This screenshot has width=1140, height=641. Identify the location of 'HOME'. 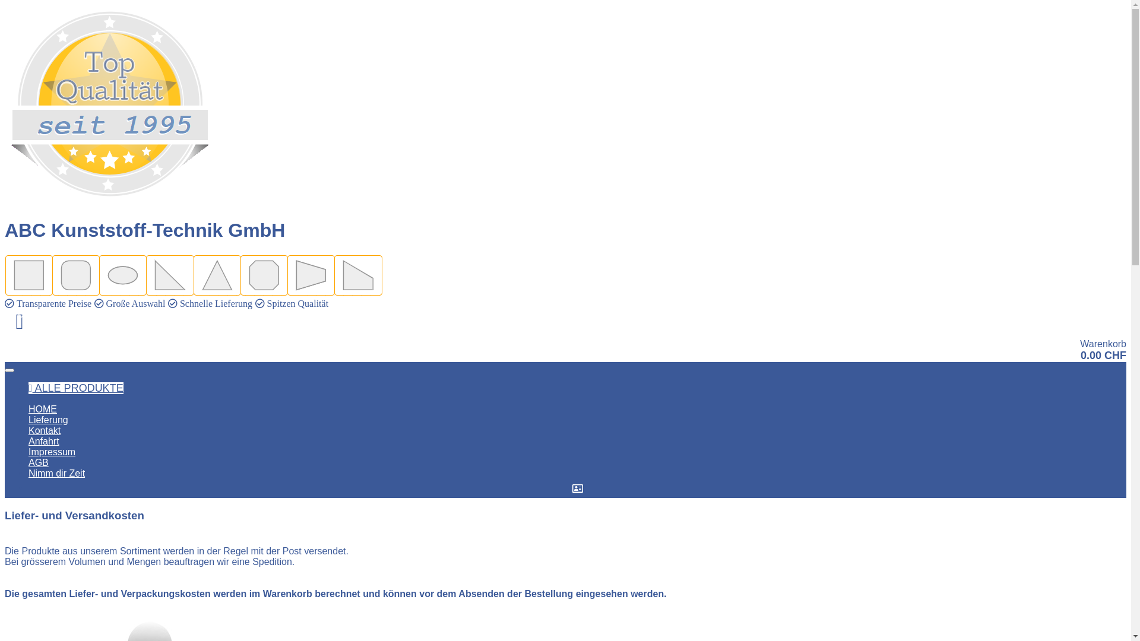
(28, 408).